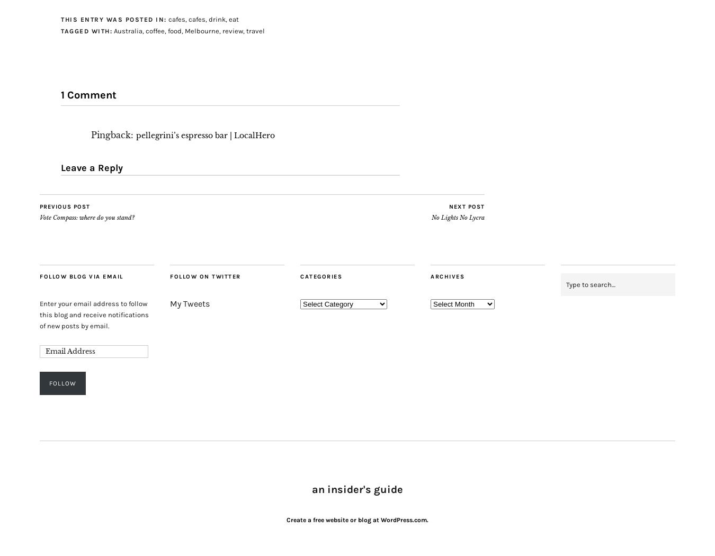 This screenshot has height=556, width=715. I want to click on 'No Lights No Lycra', so click(458, 217).